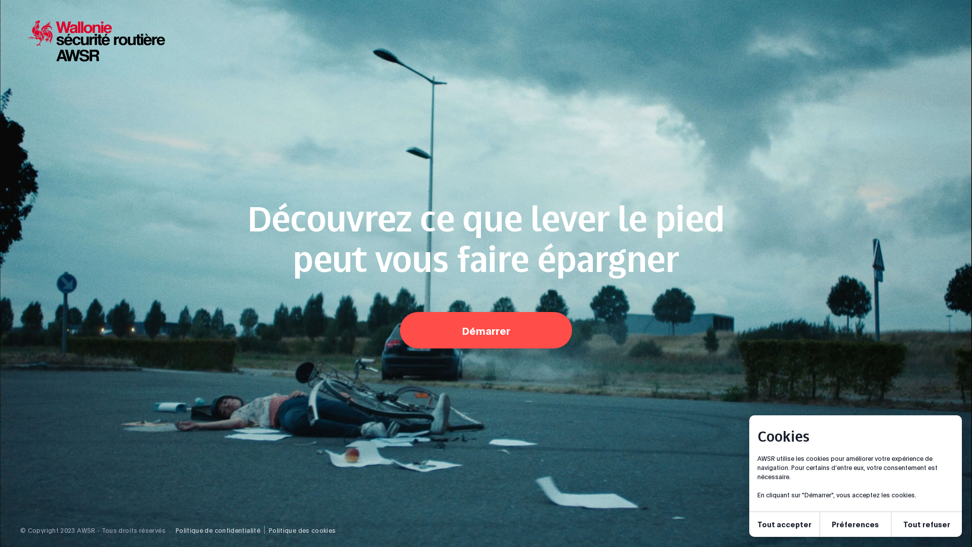 The image size is (972, 547). Describe the element at coordinates (892, 524) in the screenshot. I see `'Tout refuser'` at that location.